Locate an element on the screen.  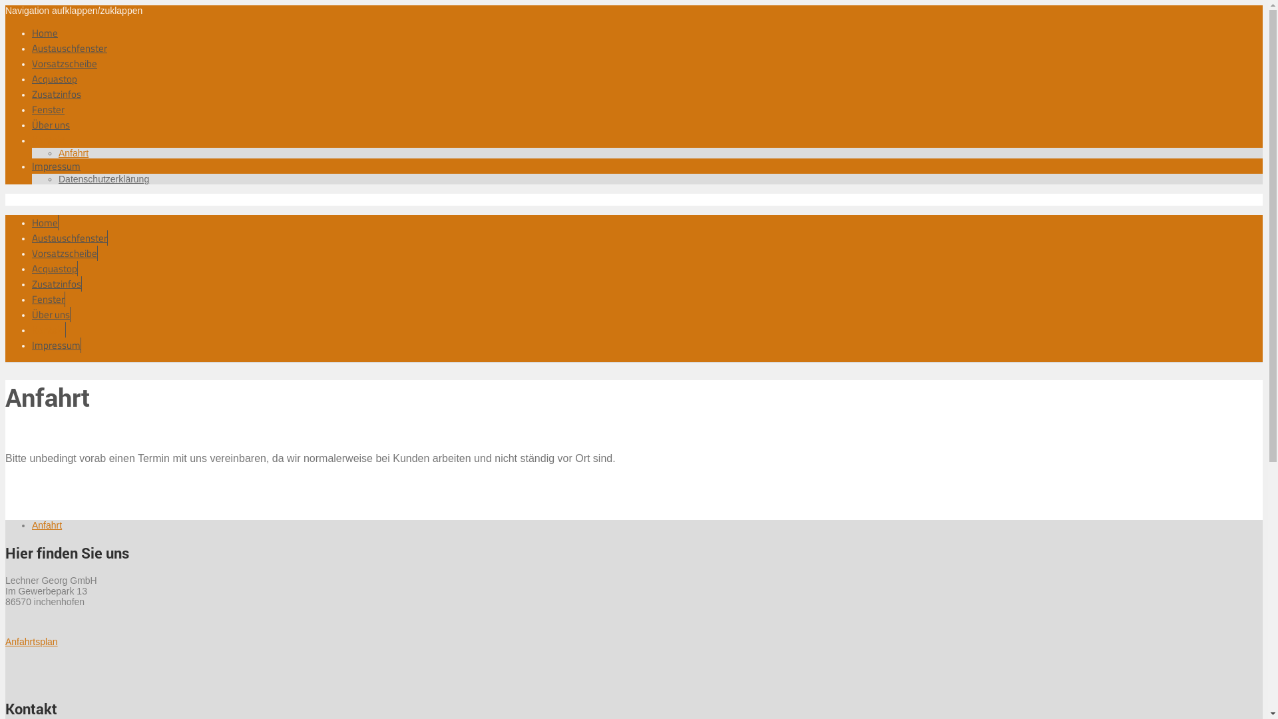
'Vorsatzscheibe' is located at coordinates (63, 63).